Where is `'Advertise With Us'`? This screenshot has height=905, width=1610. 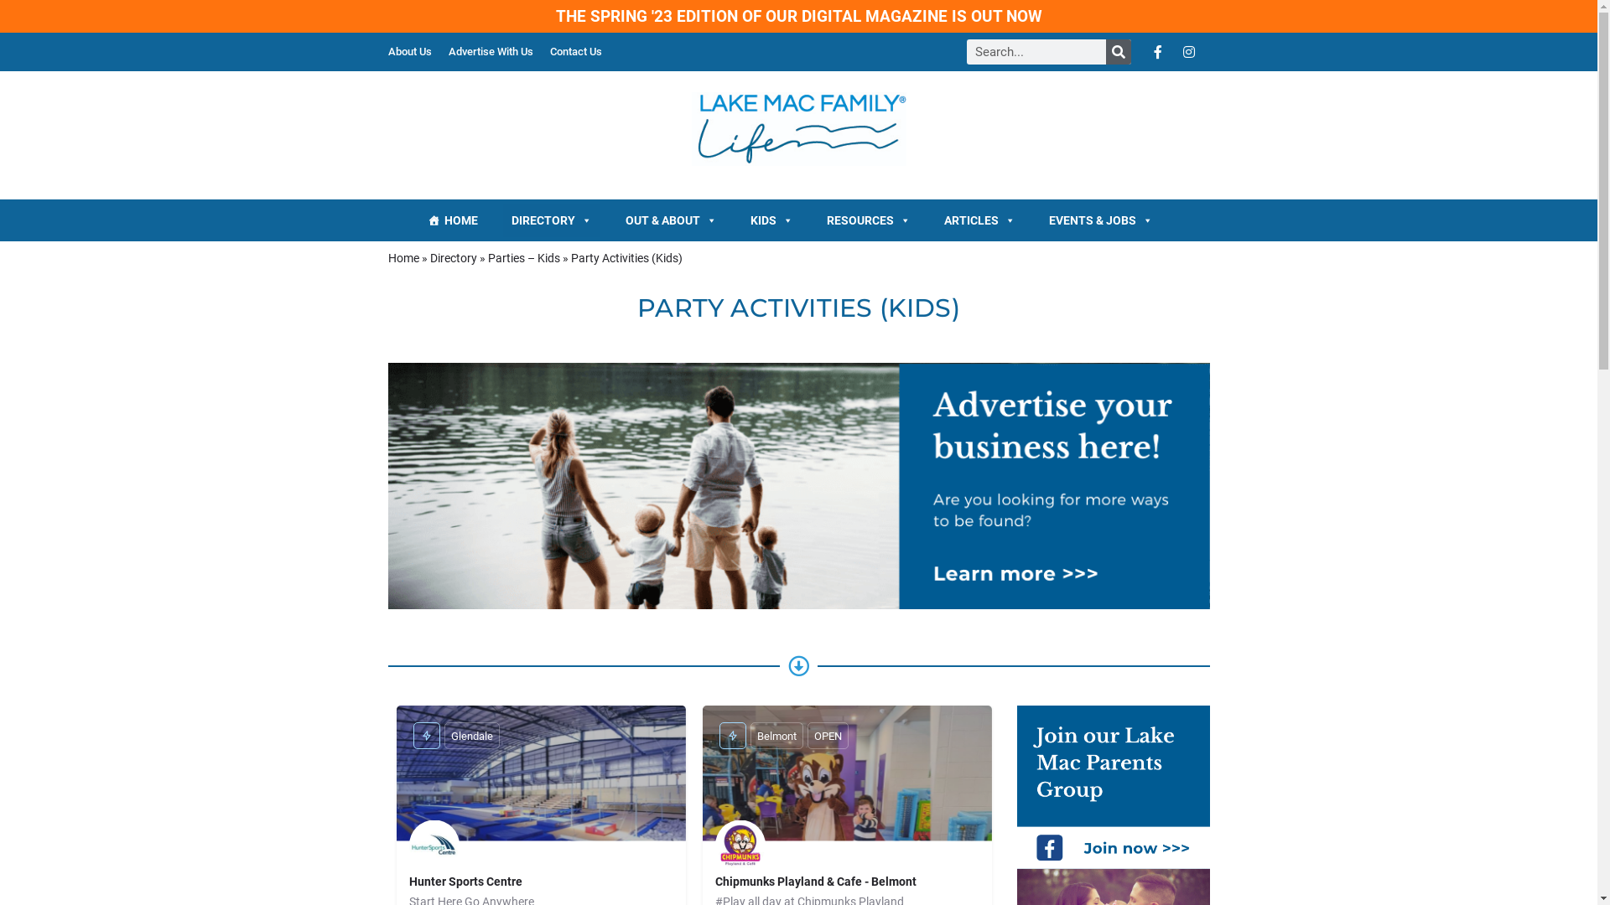
'Advertise With Us' is located at coordinates (489, 50).